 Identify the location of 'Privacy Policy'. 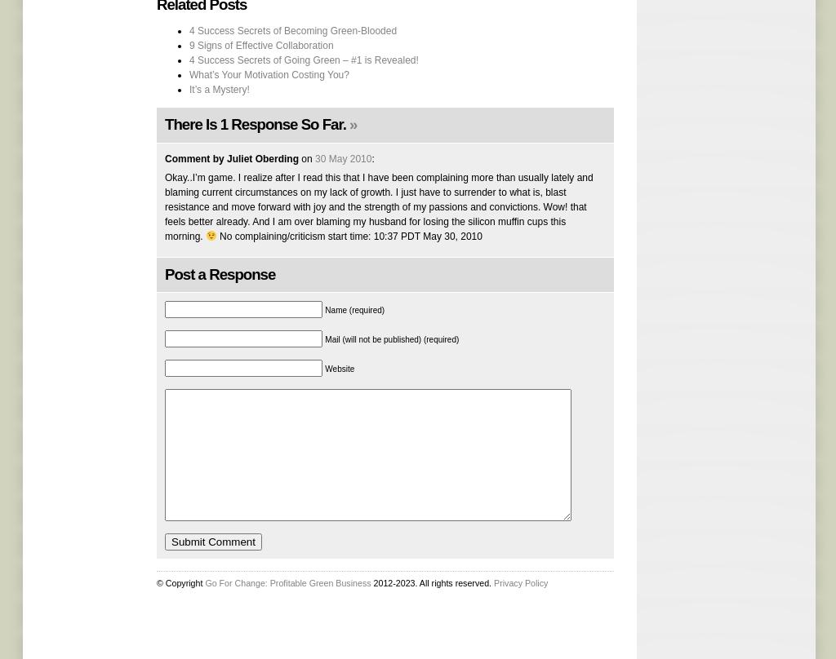
(520, 582).